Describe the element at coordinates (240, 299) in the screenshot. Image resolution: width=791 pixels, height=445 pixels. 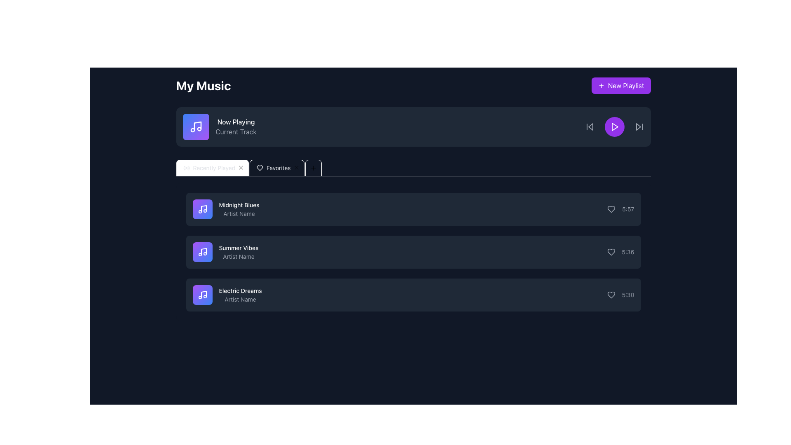
I see `the static label displaying the name of the artist associated with the song 'Electric Dreams', located below the title 'Electric Dreams'` at that location.